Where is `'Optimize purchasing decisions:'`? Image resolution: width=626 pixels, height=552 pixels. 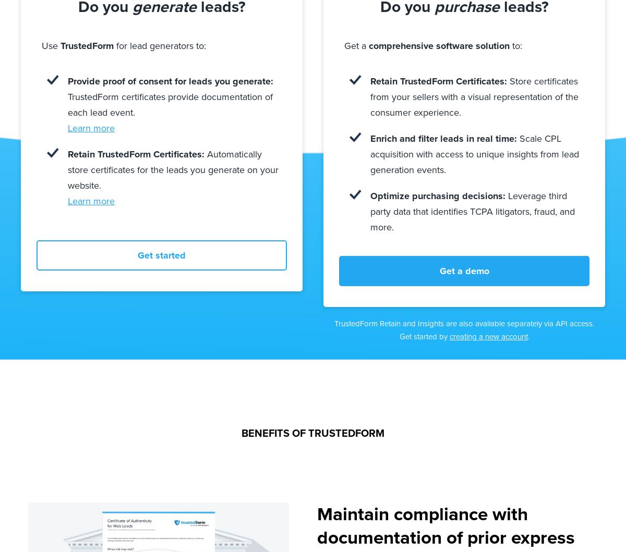 'Optimize purchasing decisions:' is located at coordinates (437, 194).